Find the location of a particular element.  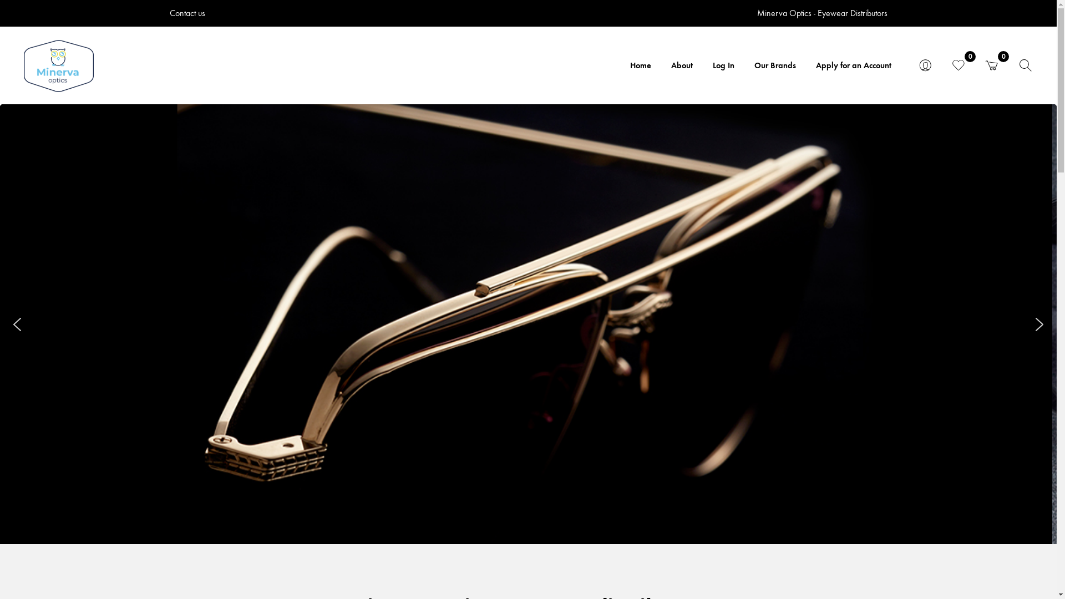

'Log In' is located at coordinates (723, 66).